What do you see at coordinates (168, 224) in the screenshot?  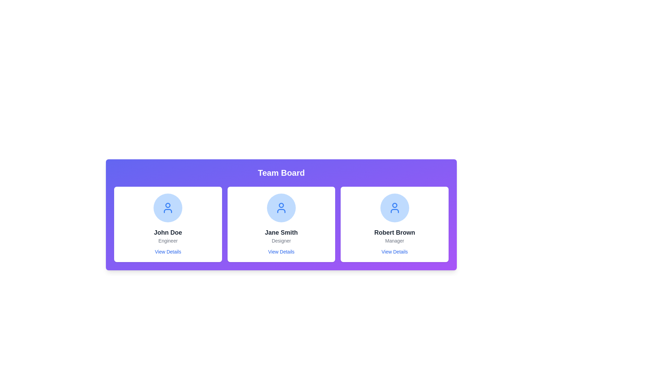 I see `the user profile card located at the leftmost position in the 'Team Board' section` at bounding box center [168, 224].